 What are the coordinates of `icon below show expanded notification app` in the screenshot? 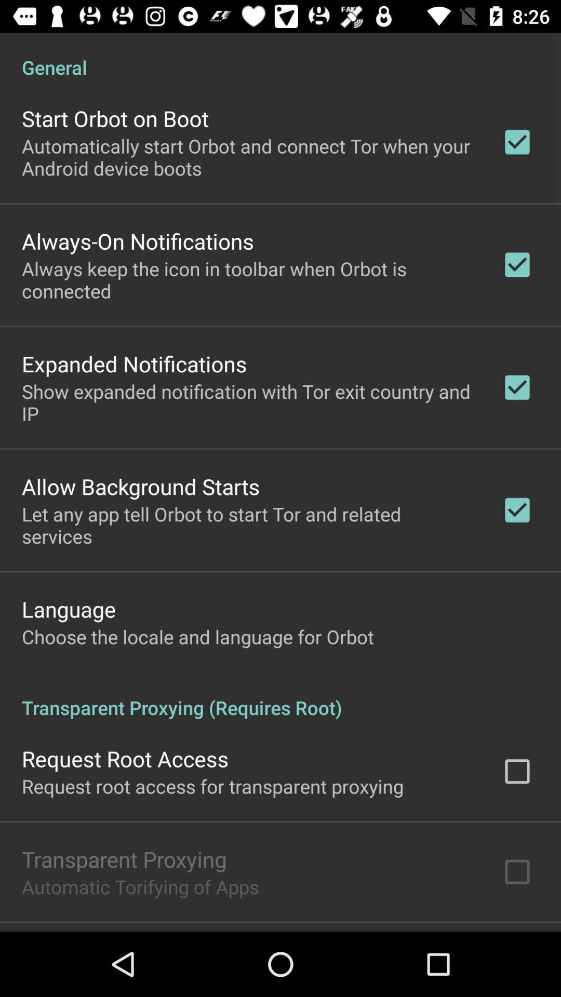 It's located at (141, 486).